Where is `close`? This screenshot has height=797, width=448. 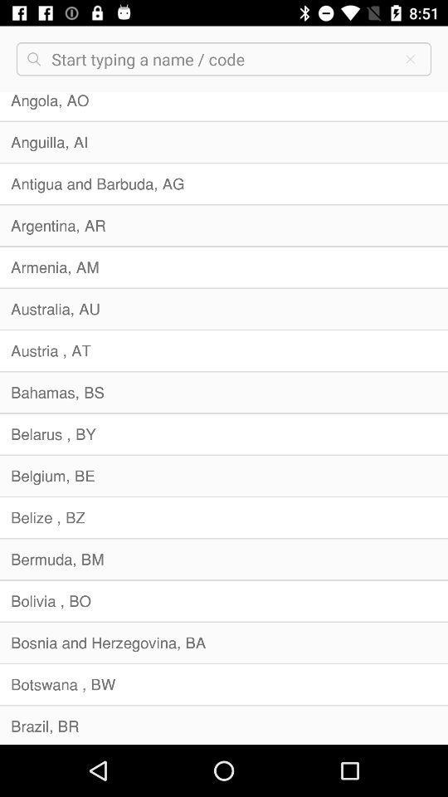
close is located at coordinates (409, 59).